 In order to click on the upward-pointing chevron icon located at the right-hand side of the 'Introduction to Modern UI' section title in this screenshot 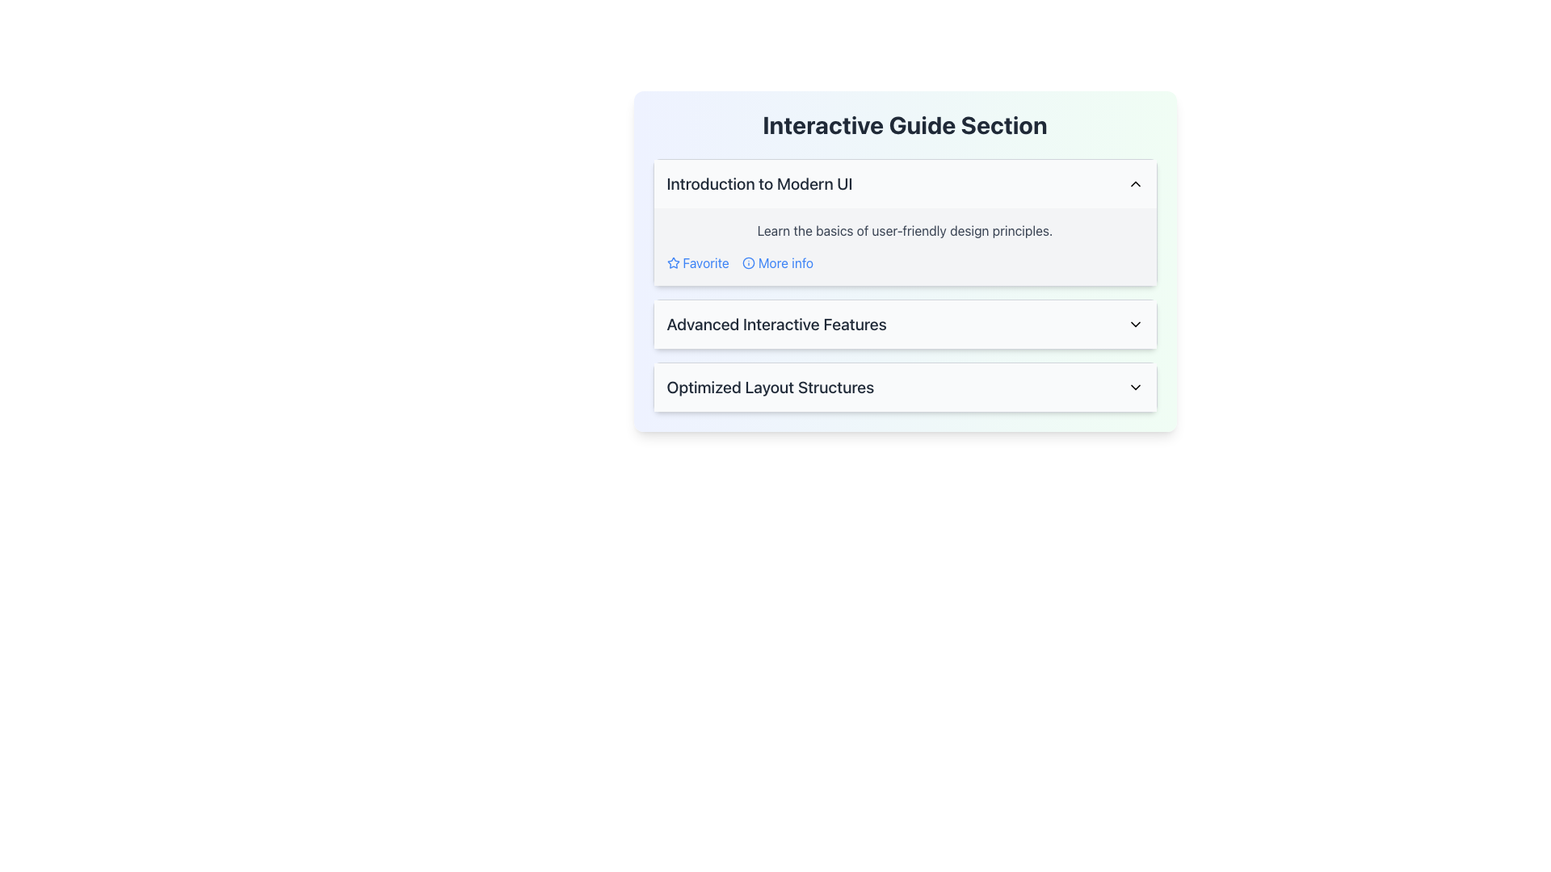, I will do `click(1134, 182)`.